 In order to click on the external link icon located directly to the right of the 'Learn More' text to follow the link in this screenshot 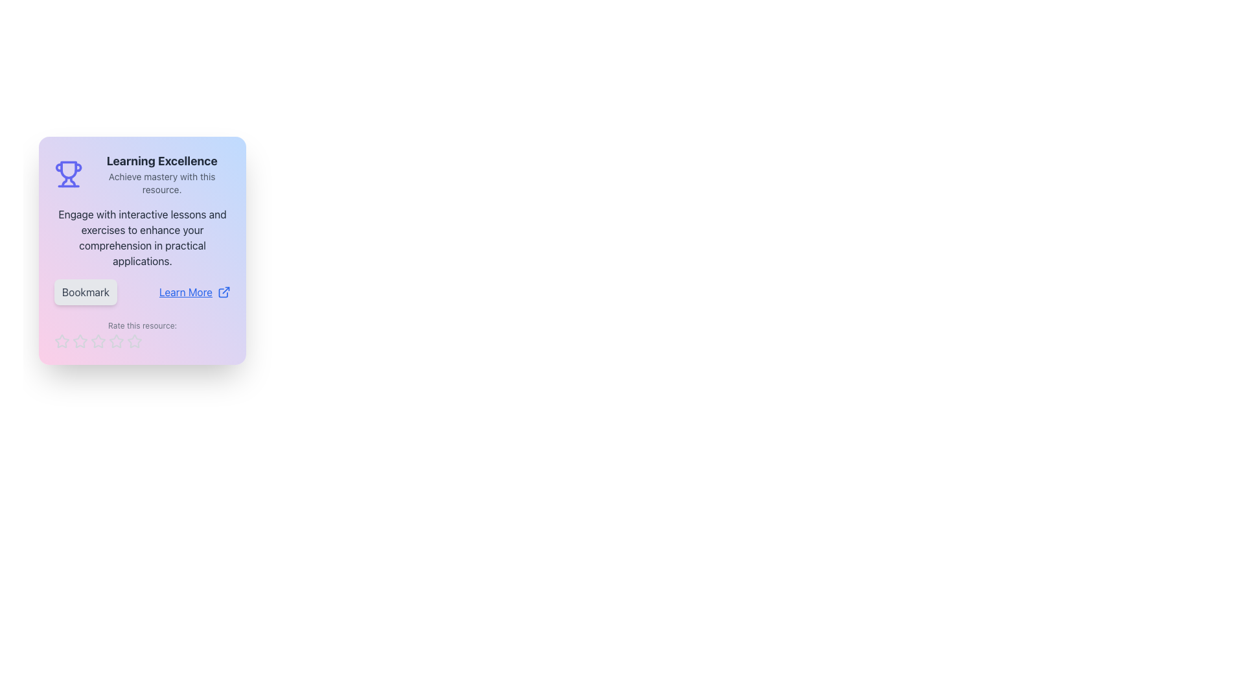, I will do `click(224, 292)`.